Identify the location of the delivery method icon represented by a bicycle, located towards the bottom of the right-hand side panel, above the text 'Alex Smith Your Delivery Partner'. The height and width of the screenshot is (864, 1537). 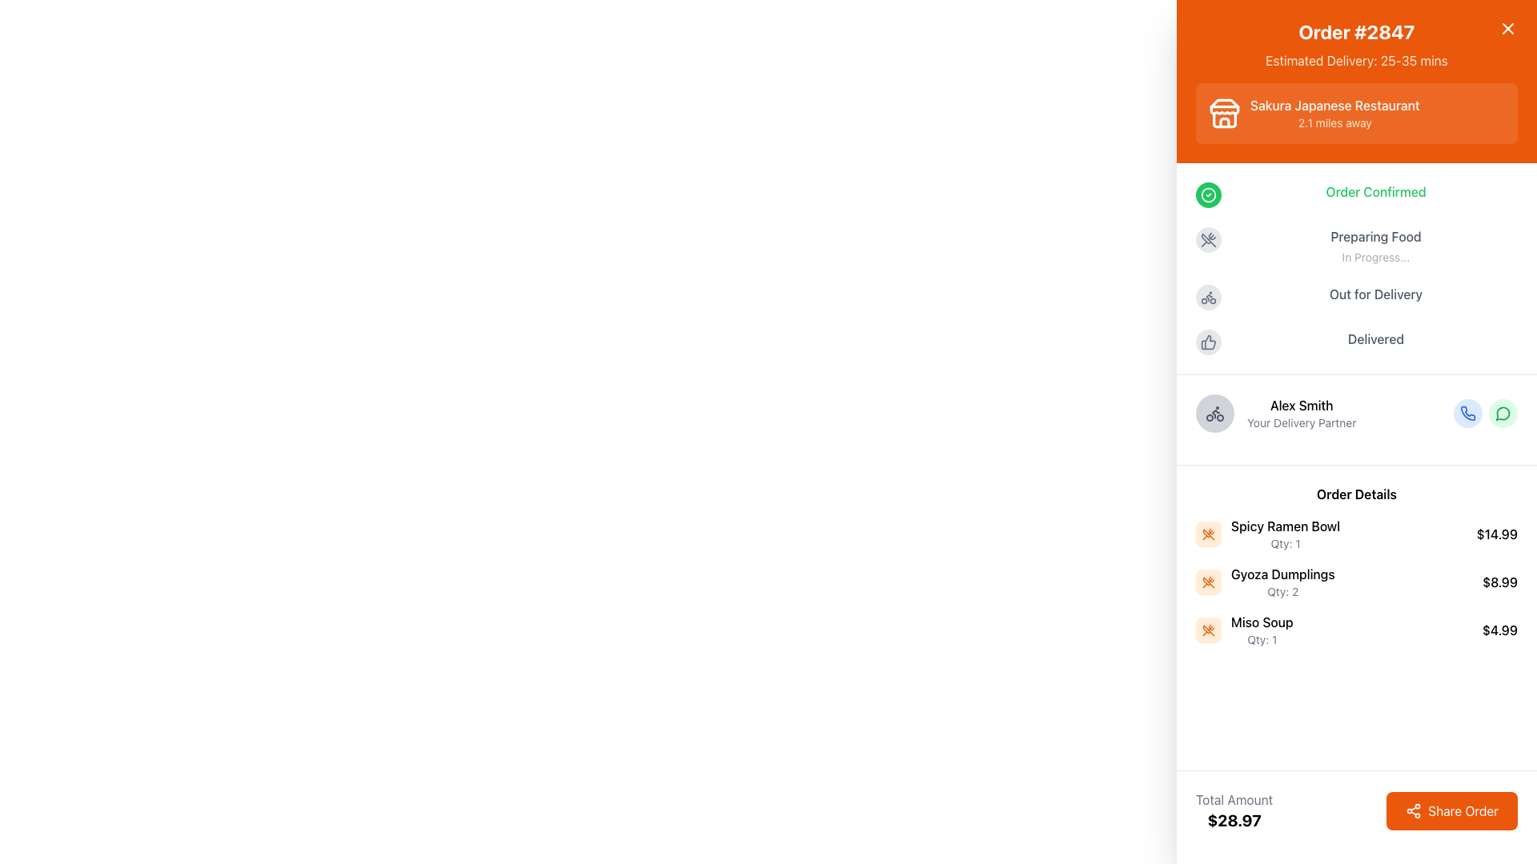
(1209, 297).